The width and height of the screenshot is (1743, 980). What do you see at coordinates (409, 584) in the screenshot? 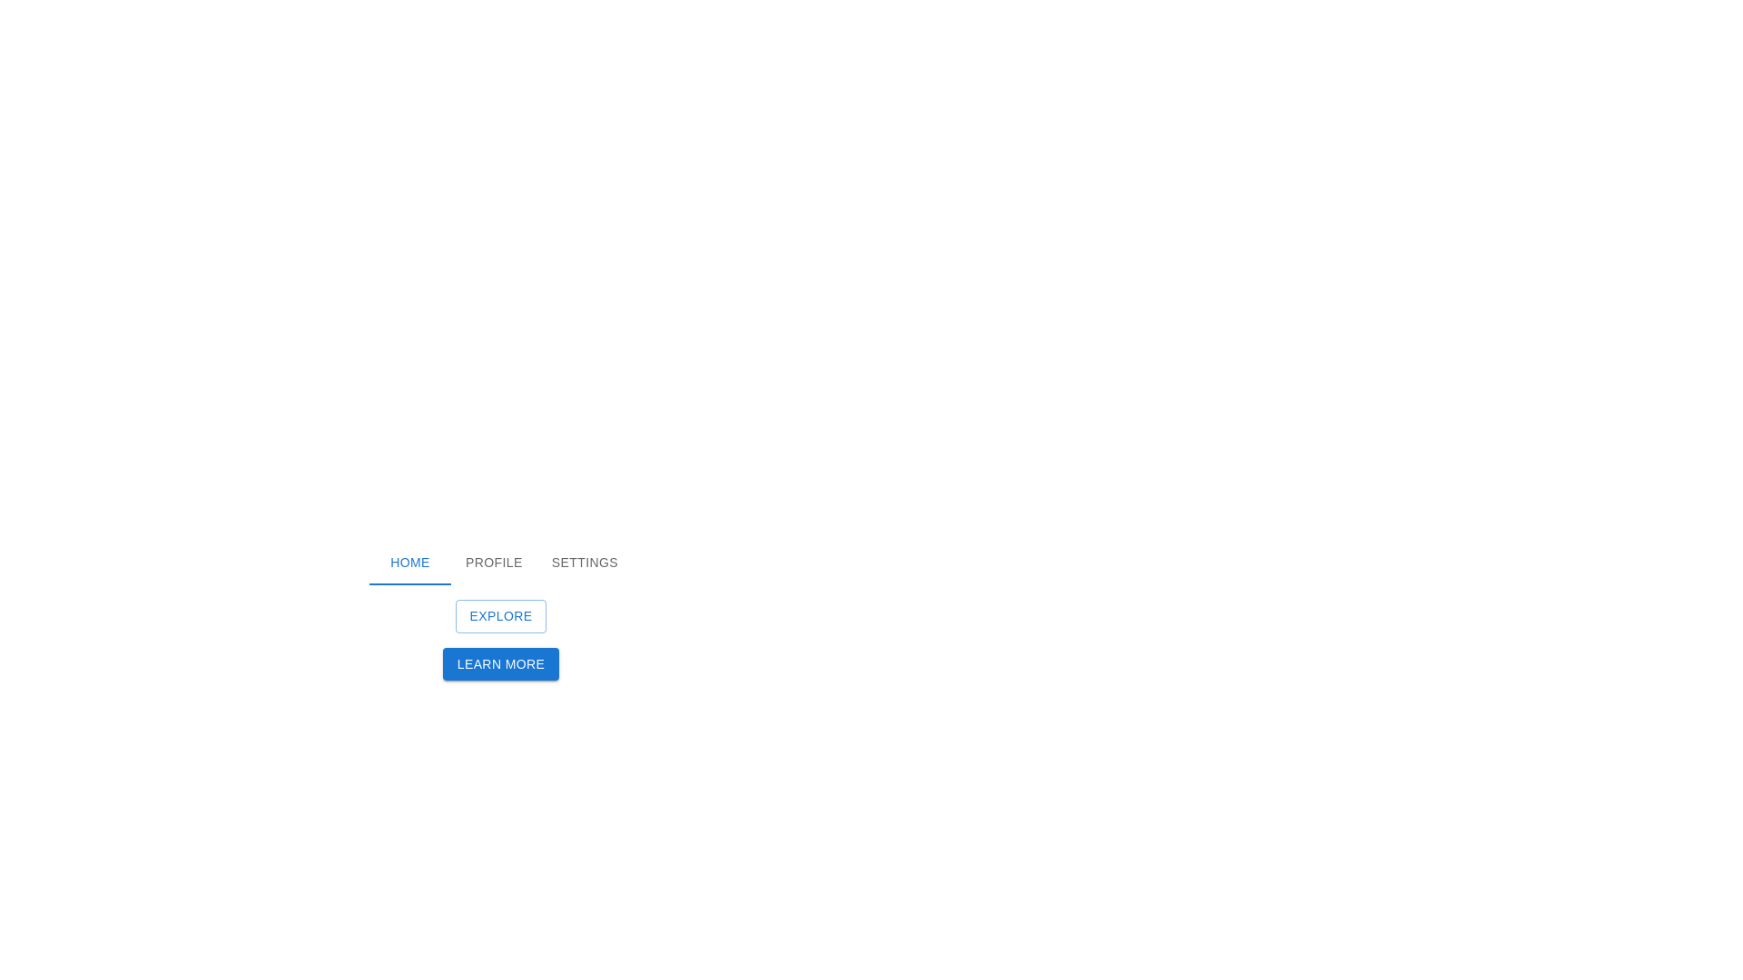
I see `the visual indicator that indicates the currently active 'Home' tab in the horizontal tab bar` at bounding box center [409, 584].